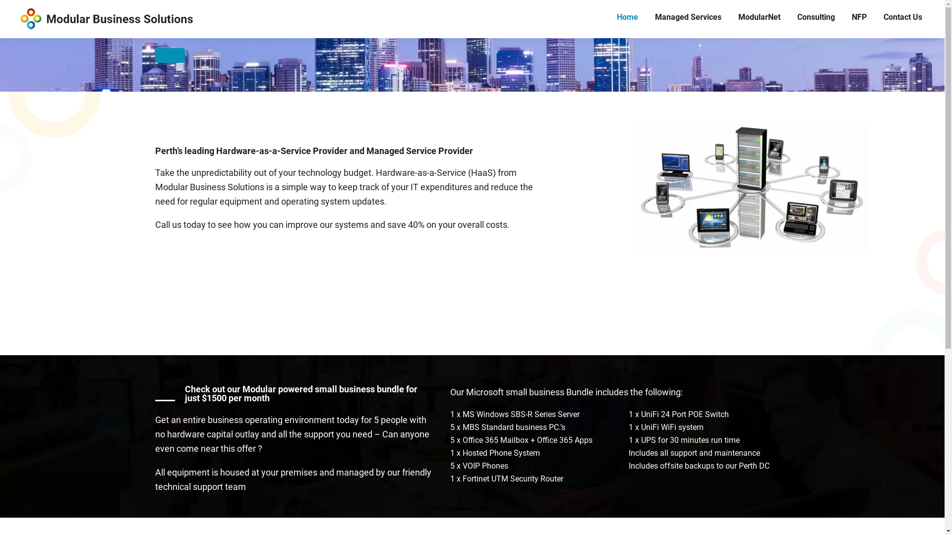  I want to click on 'ModularNet', so click(730, 17).